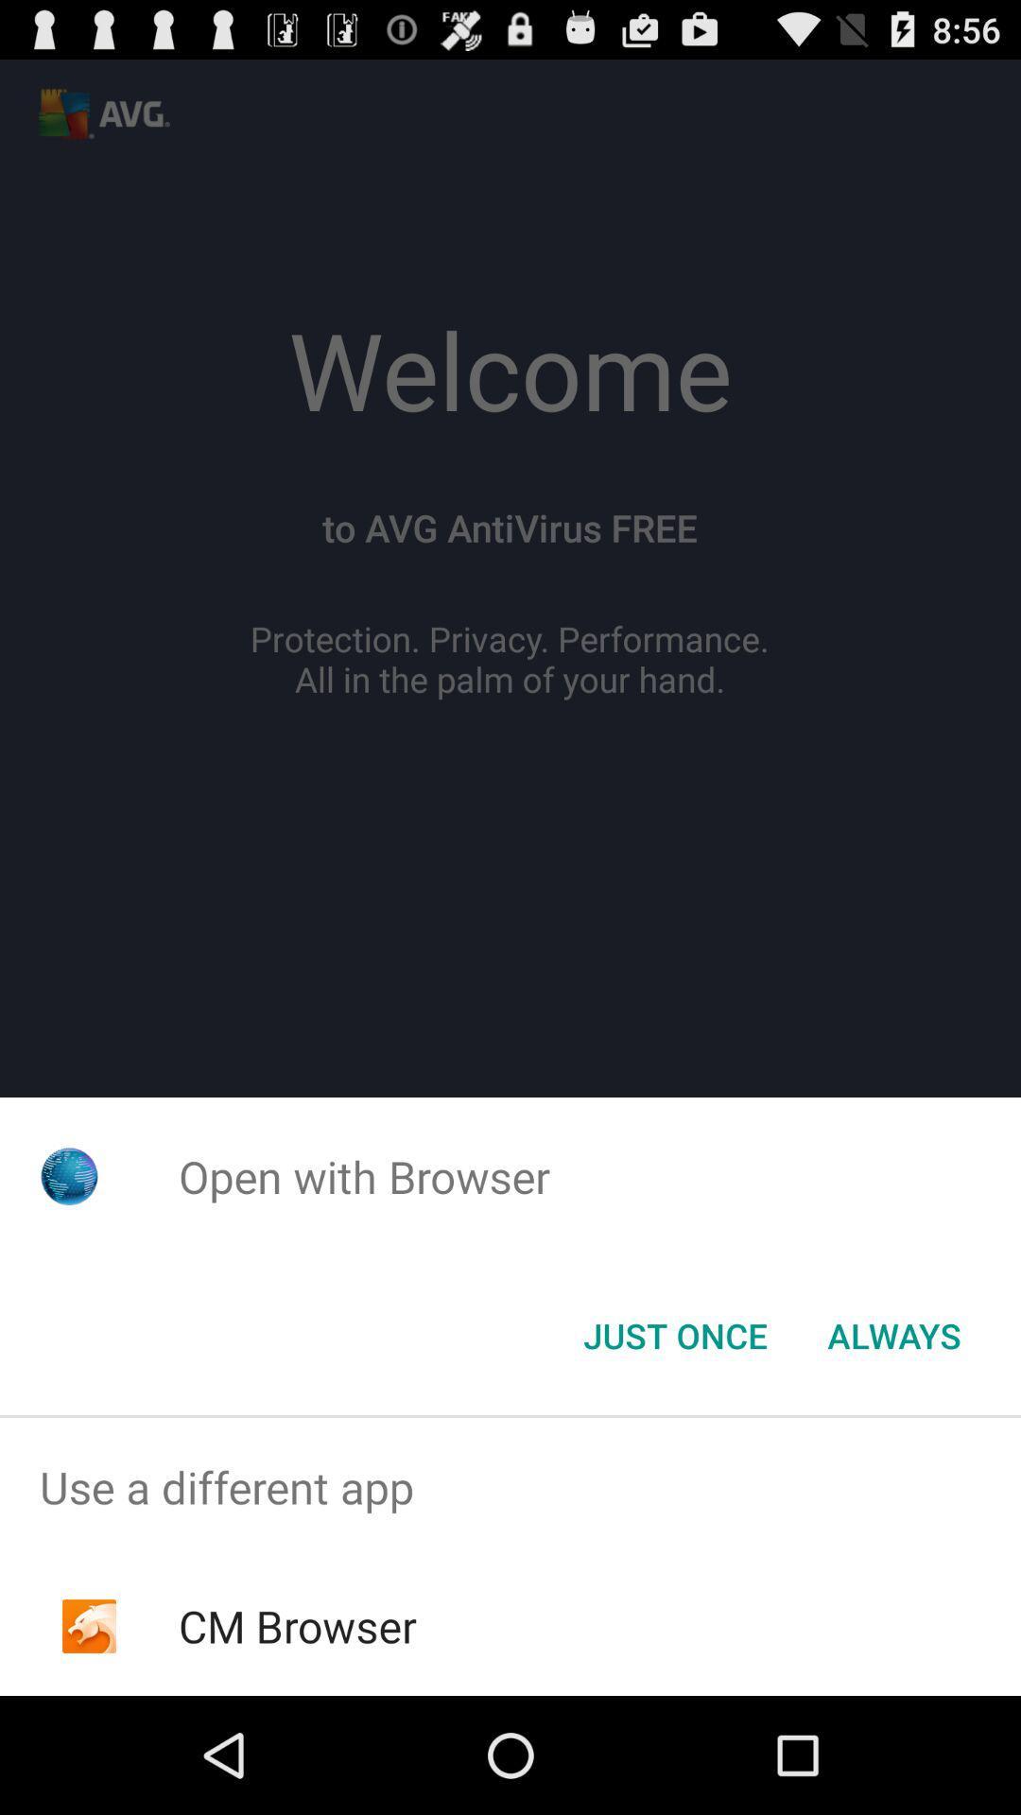 This screenshot has width=1021, height=1815. Describe the element at coordinates (510, 1486) in the screenshot. I see `the use a different` at that location.